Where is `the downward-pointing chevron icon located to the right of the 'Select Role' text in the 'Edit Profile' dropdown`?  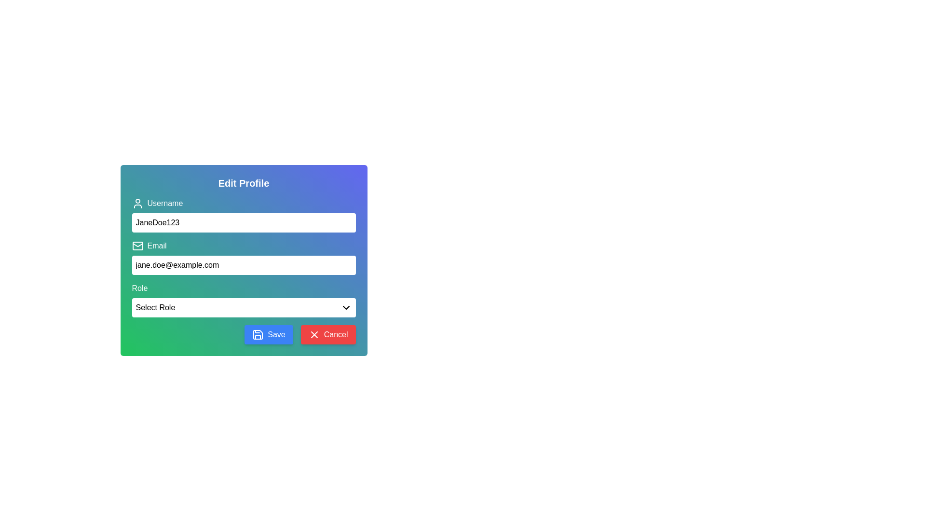 the downward-pointing chevron icon located to the right of the 'Select Role' text in the 'Edit Profile' dropdown is located at coordinates (346, 307).